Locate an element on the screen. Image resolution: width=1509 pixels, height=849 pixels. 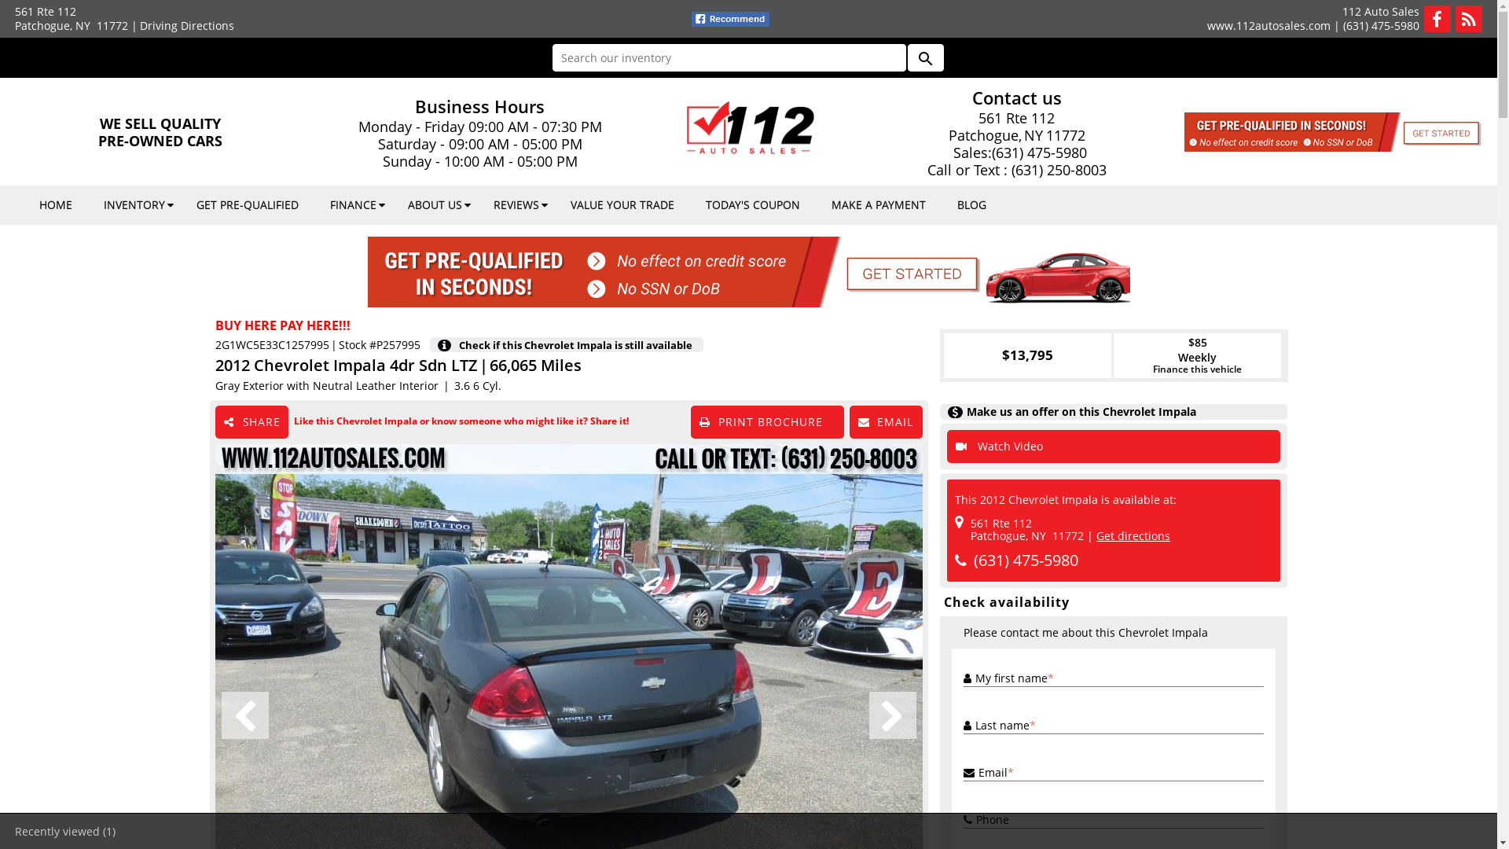
'Get directions' is located at coordinates (1133, 535).